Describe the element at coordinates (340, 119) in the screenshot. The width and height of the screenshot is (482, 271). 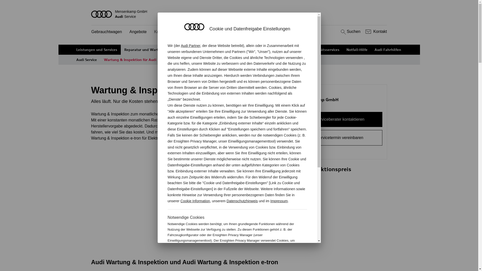
I see `'Serviceberater kontaktieren'` at that location.